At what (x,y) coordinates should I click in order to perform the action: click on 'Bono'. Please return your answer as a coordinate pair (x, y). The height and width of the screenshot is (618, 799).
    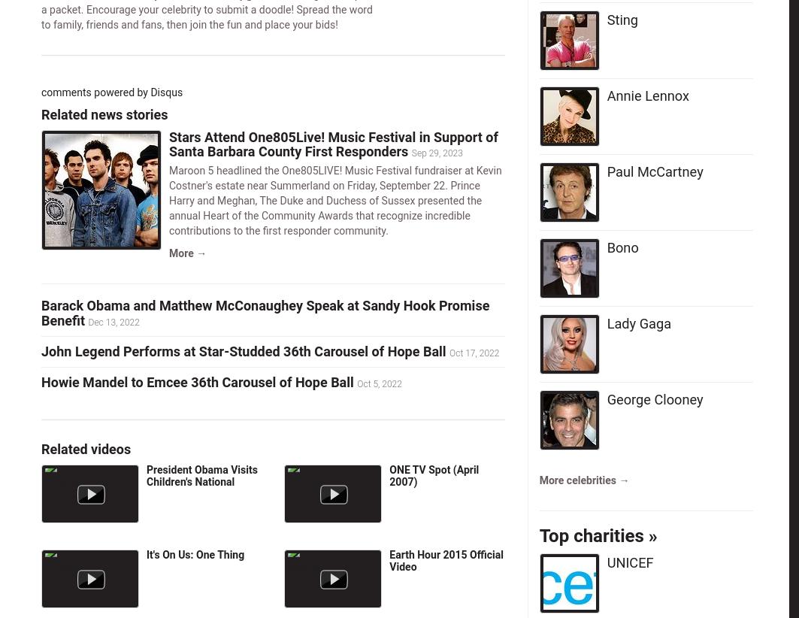
    Looking at the image, I should click on (621, 247).